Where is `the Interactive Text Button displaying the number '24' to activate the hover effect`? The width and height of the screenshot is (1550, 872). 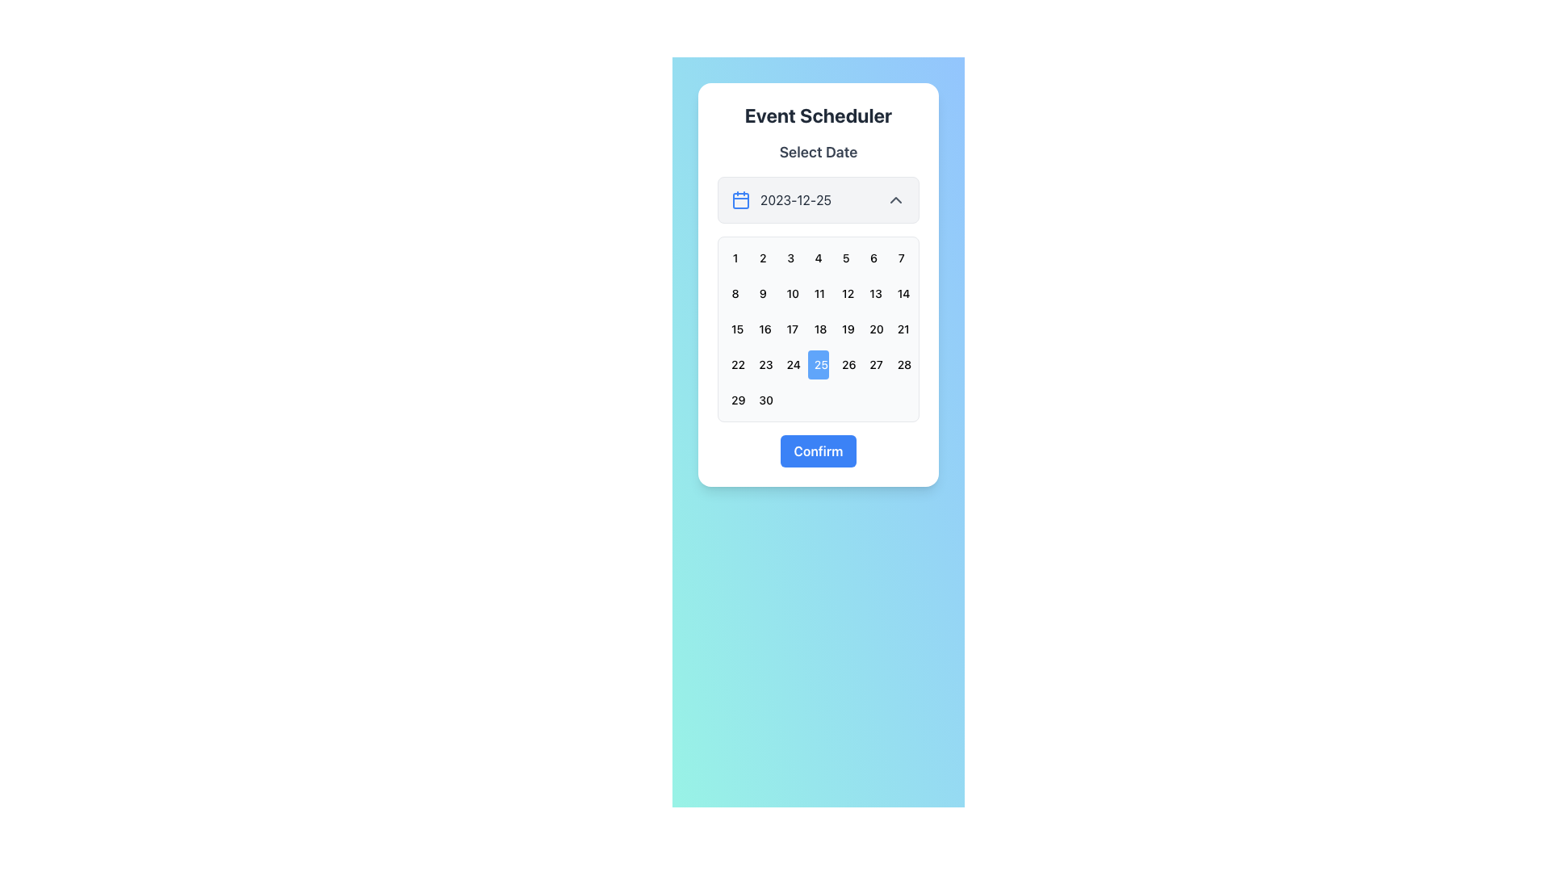
the Interactive Text Button displaying the number '24' to activate the hover effect is located at coordinates (790, 364).